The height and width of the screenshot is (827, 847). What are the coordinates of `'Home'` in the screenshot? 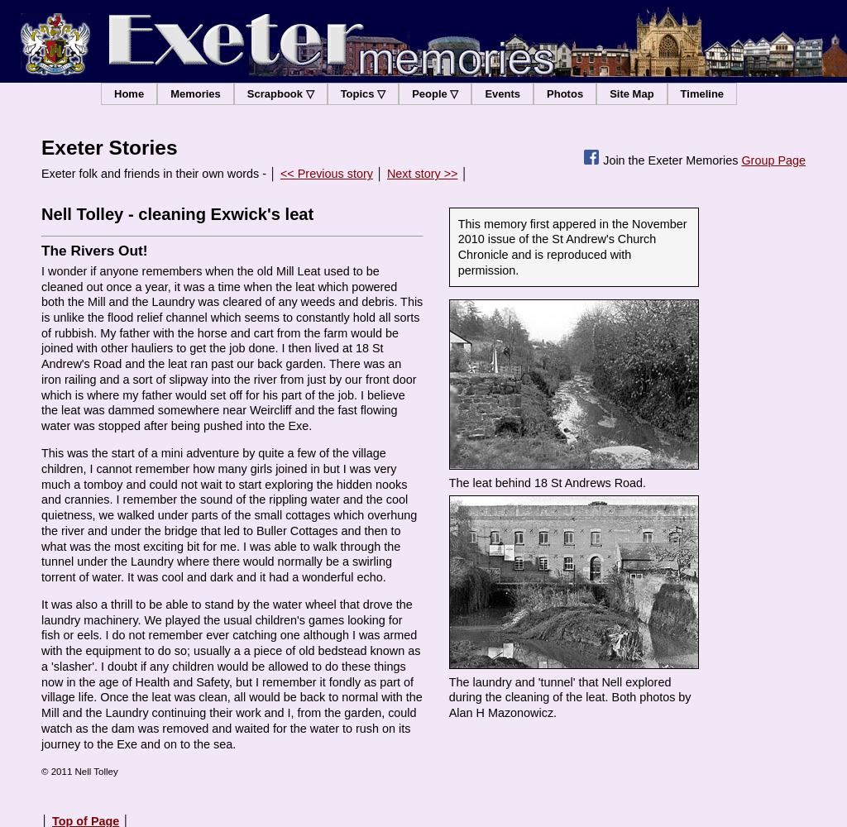 It's located at (127, 93).